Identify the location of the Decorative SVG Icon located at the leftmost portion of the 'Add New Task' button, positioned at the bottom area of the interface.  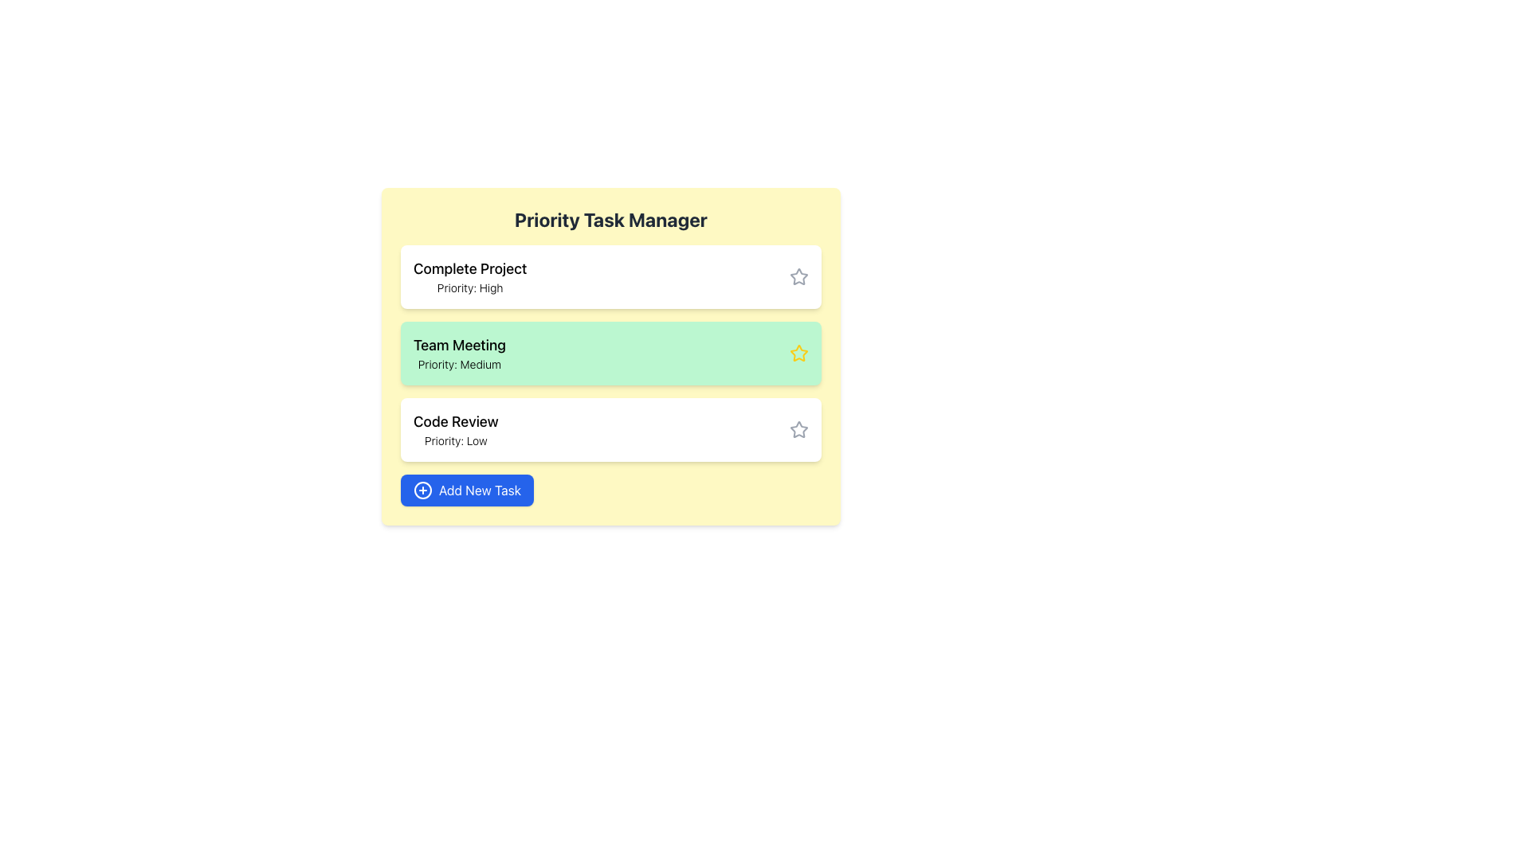
(423, 490).